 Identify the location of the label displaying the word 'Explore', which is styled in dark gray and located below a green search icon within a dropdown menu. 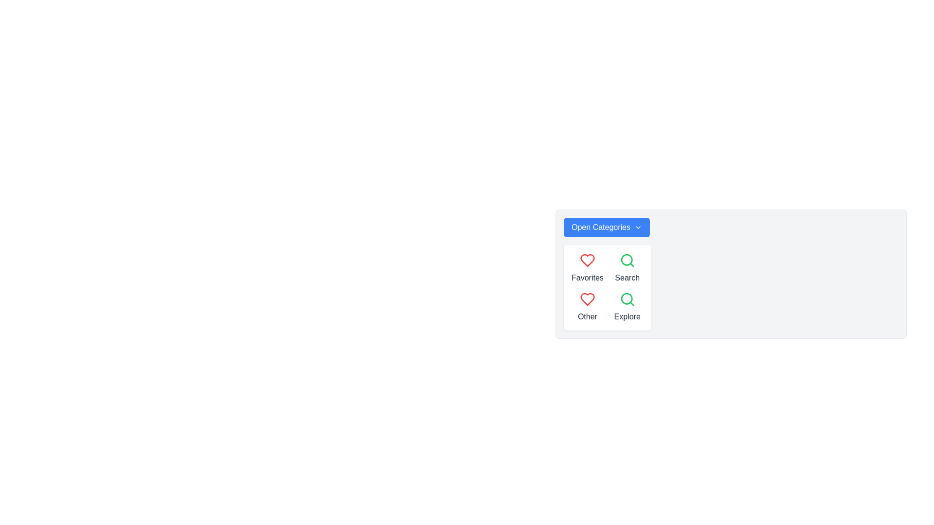
(627, 316).